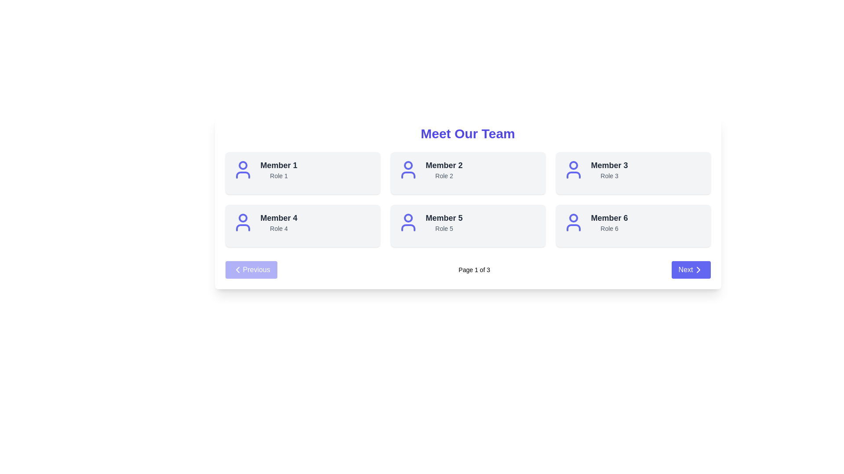 This screenshot has height=474, width=844. Describe the element at coordinates (444, 176) in the screenshot. I see `the text label reading 'Role 2', which is styled in a smaller font size and subtle gray color, positioned below the 'Member 2' title in the card layout` at that location.